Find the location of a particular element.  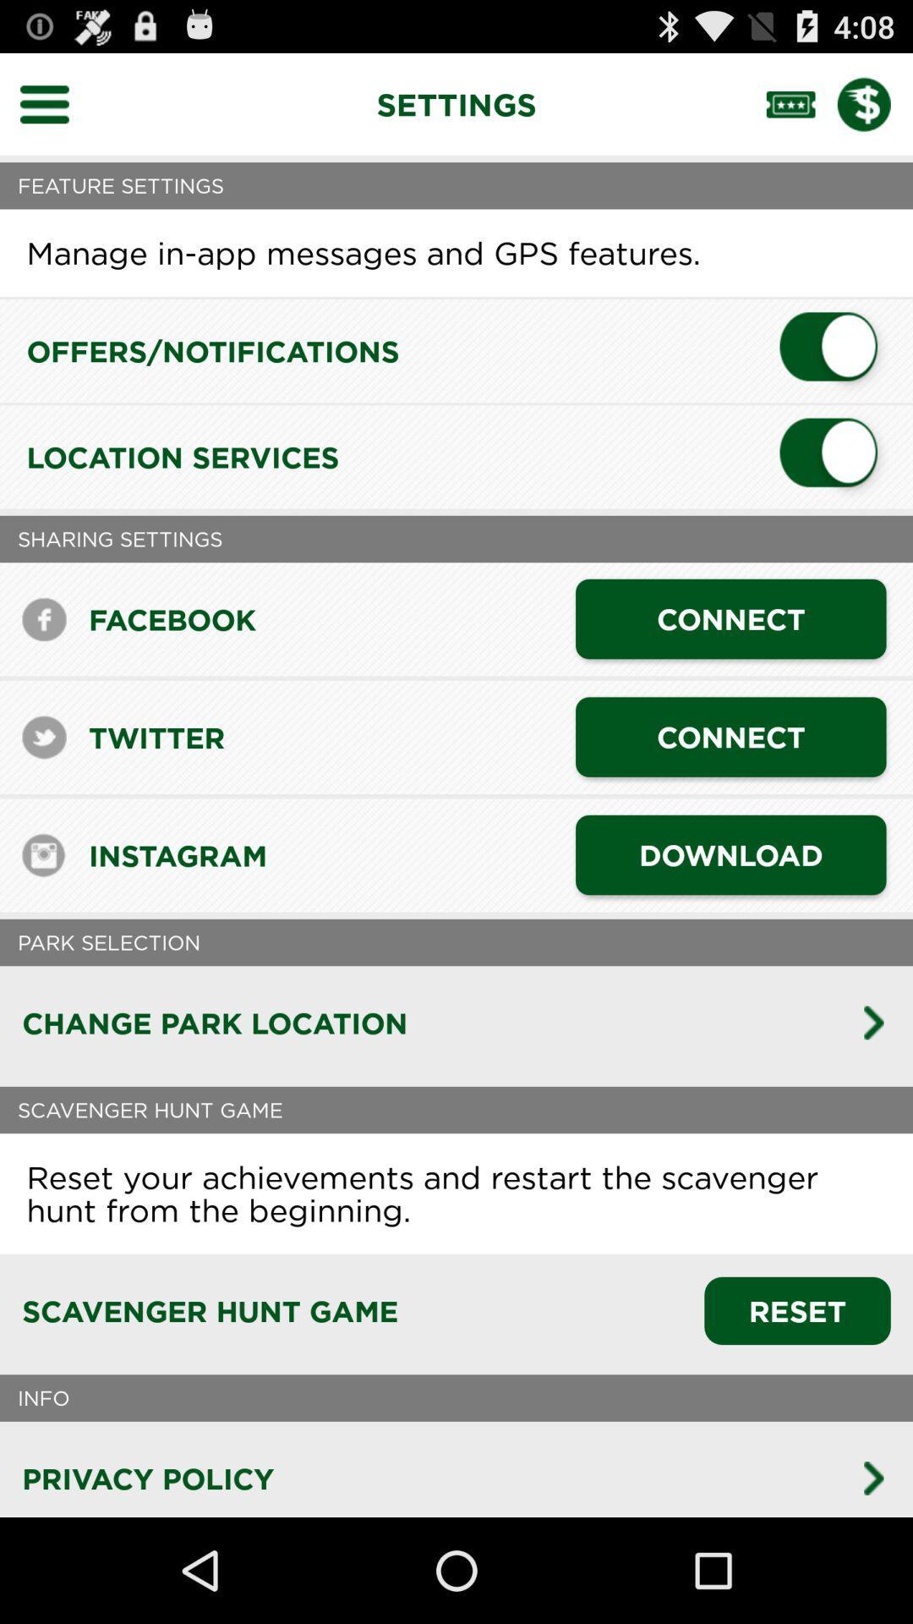

the menu icon is located at coordinates (54, 111).